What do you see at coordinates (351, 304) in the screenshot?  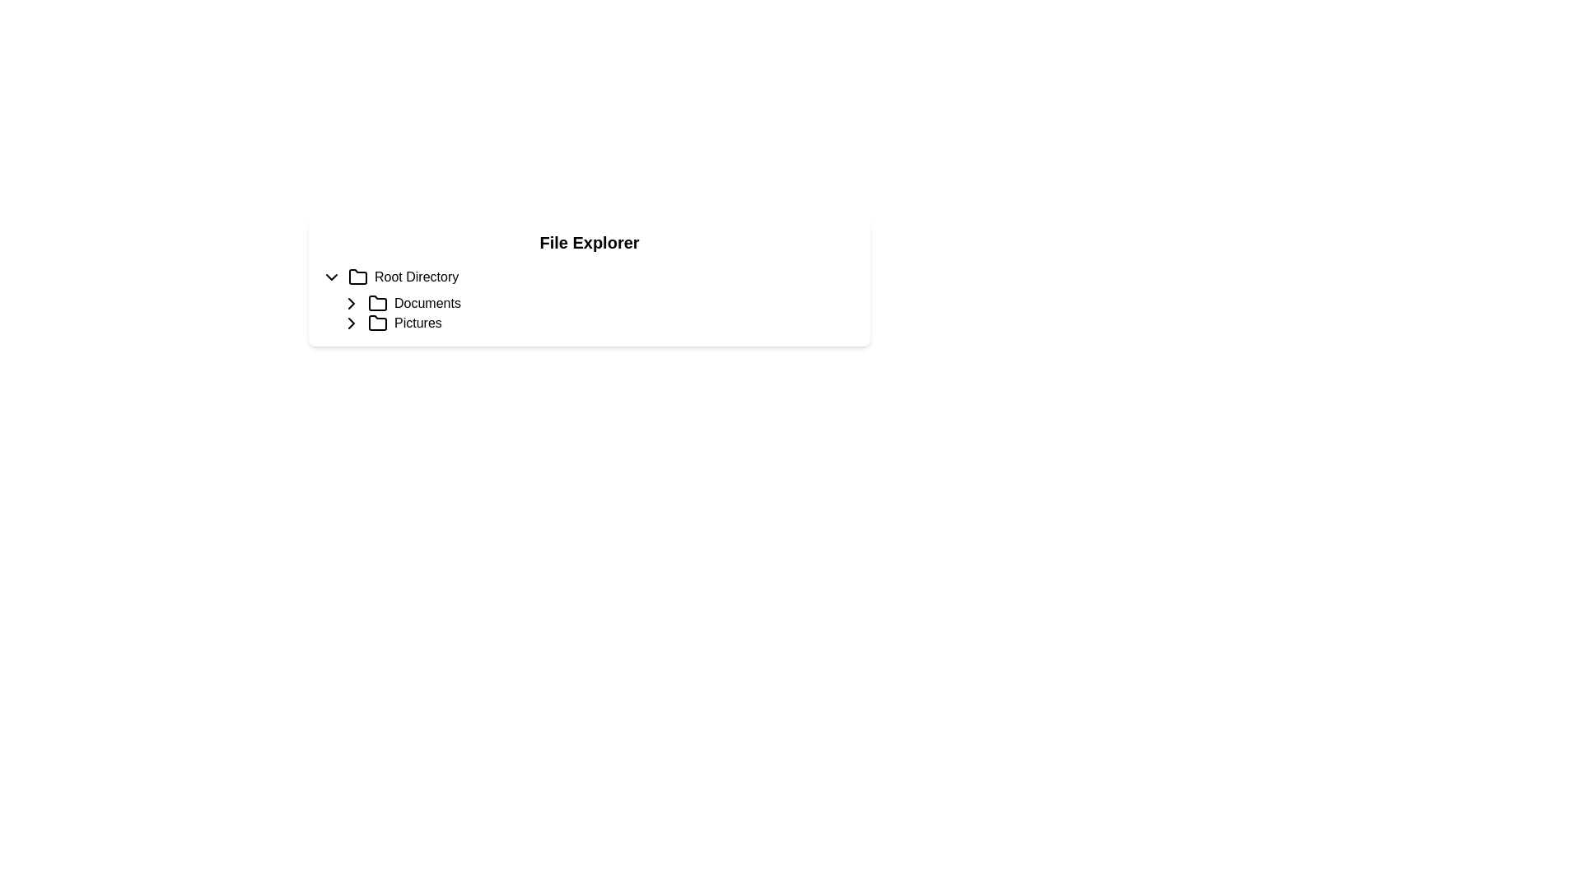 I see `the right-pointing chevron icon within the 'Documents' item` at bounding box center [351, 304].